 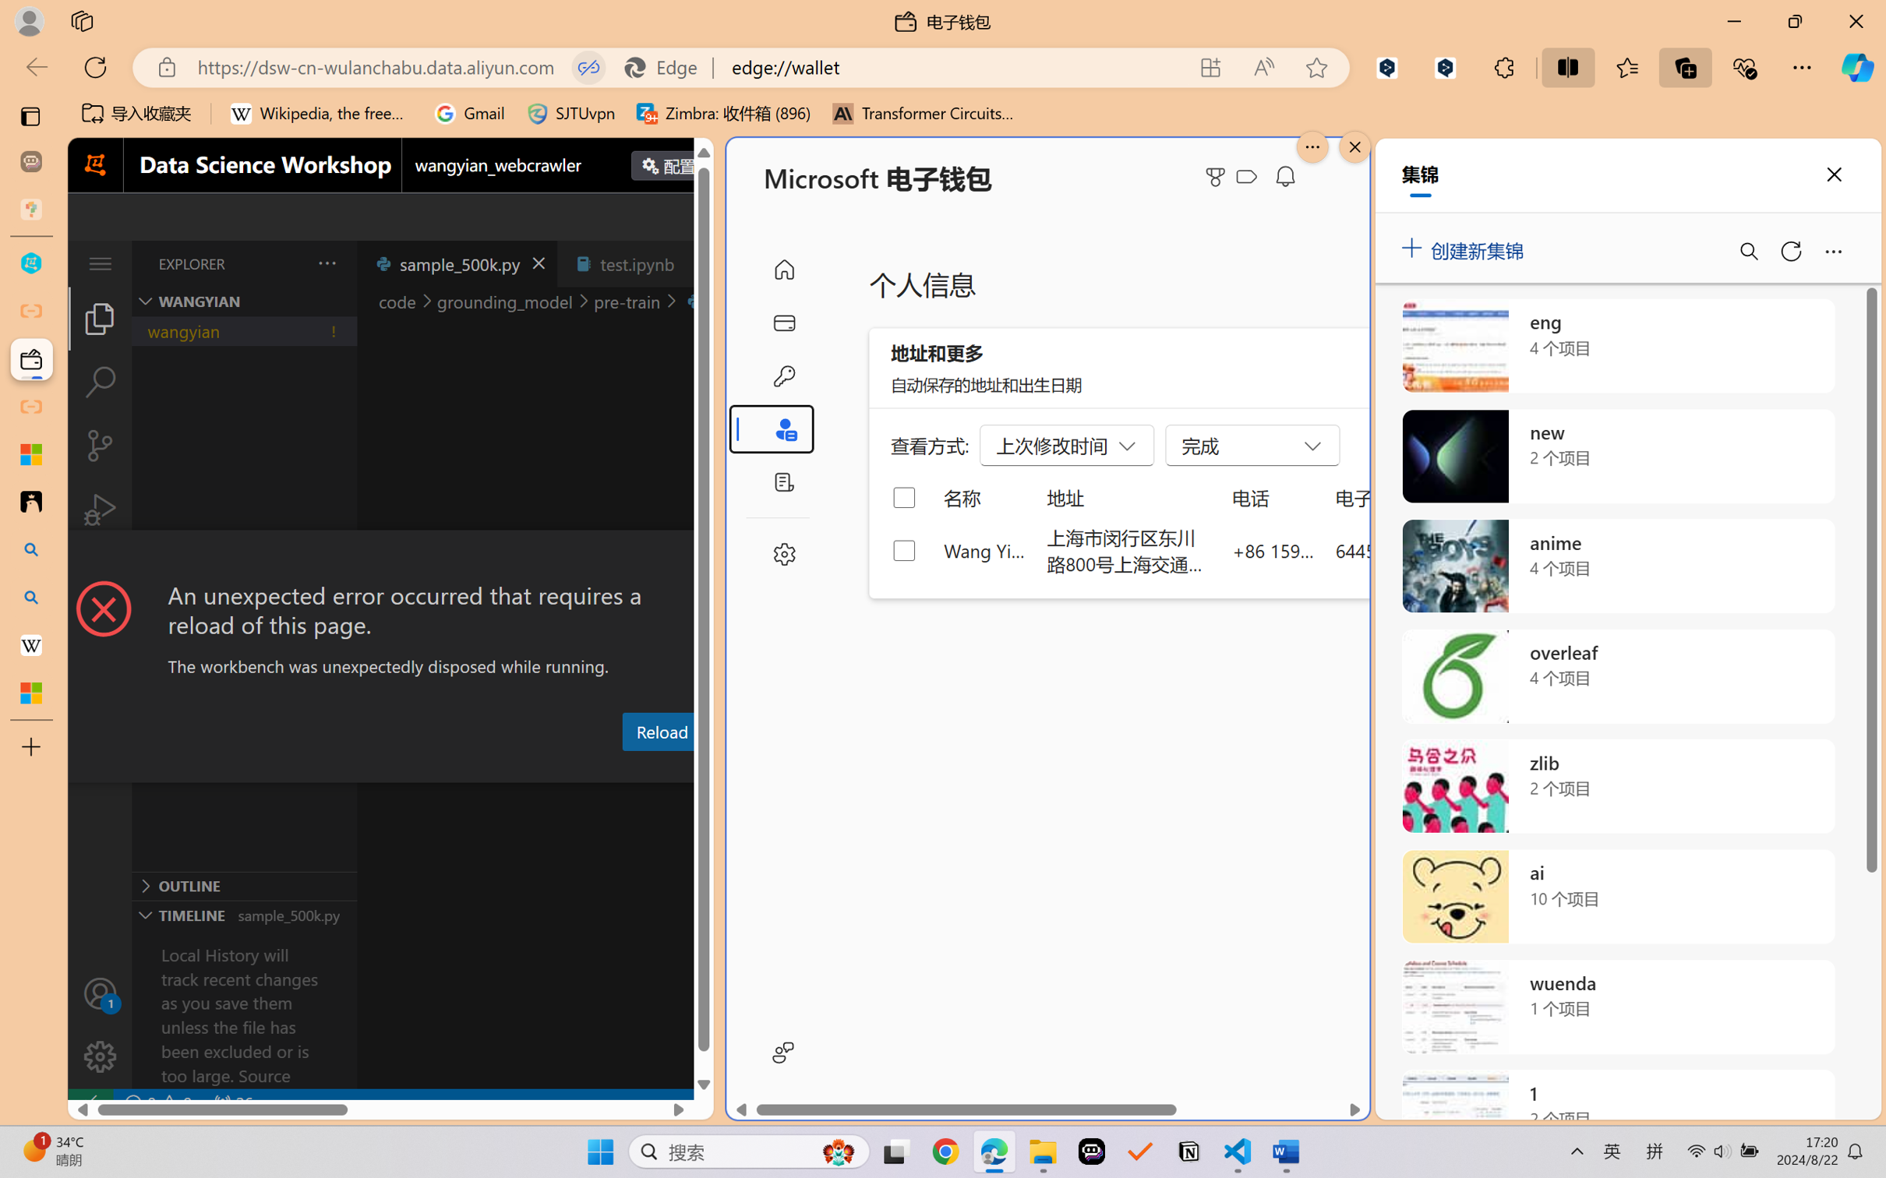 I want to click on 'Timeline Section', so click(x=244, y=915).